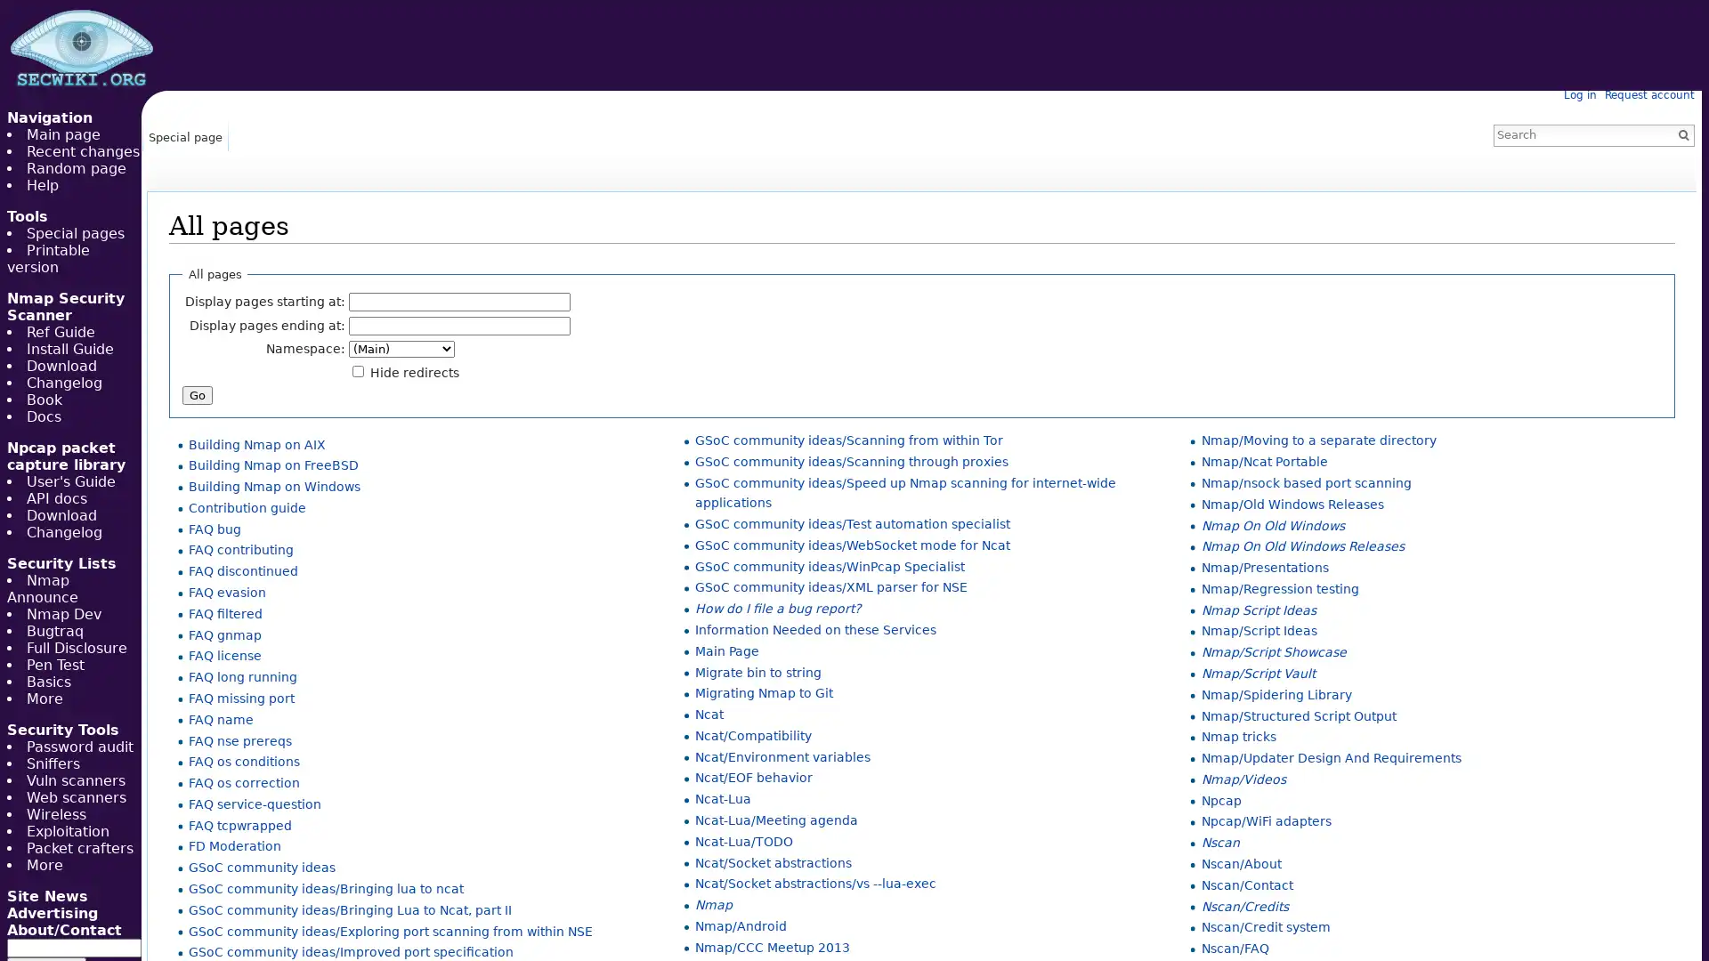 This screenshot has height=961, width=1709. Describe the element at coordinates (197, 393) in the screenshot. I see `Go` at that location.